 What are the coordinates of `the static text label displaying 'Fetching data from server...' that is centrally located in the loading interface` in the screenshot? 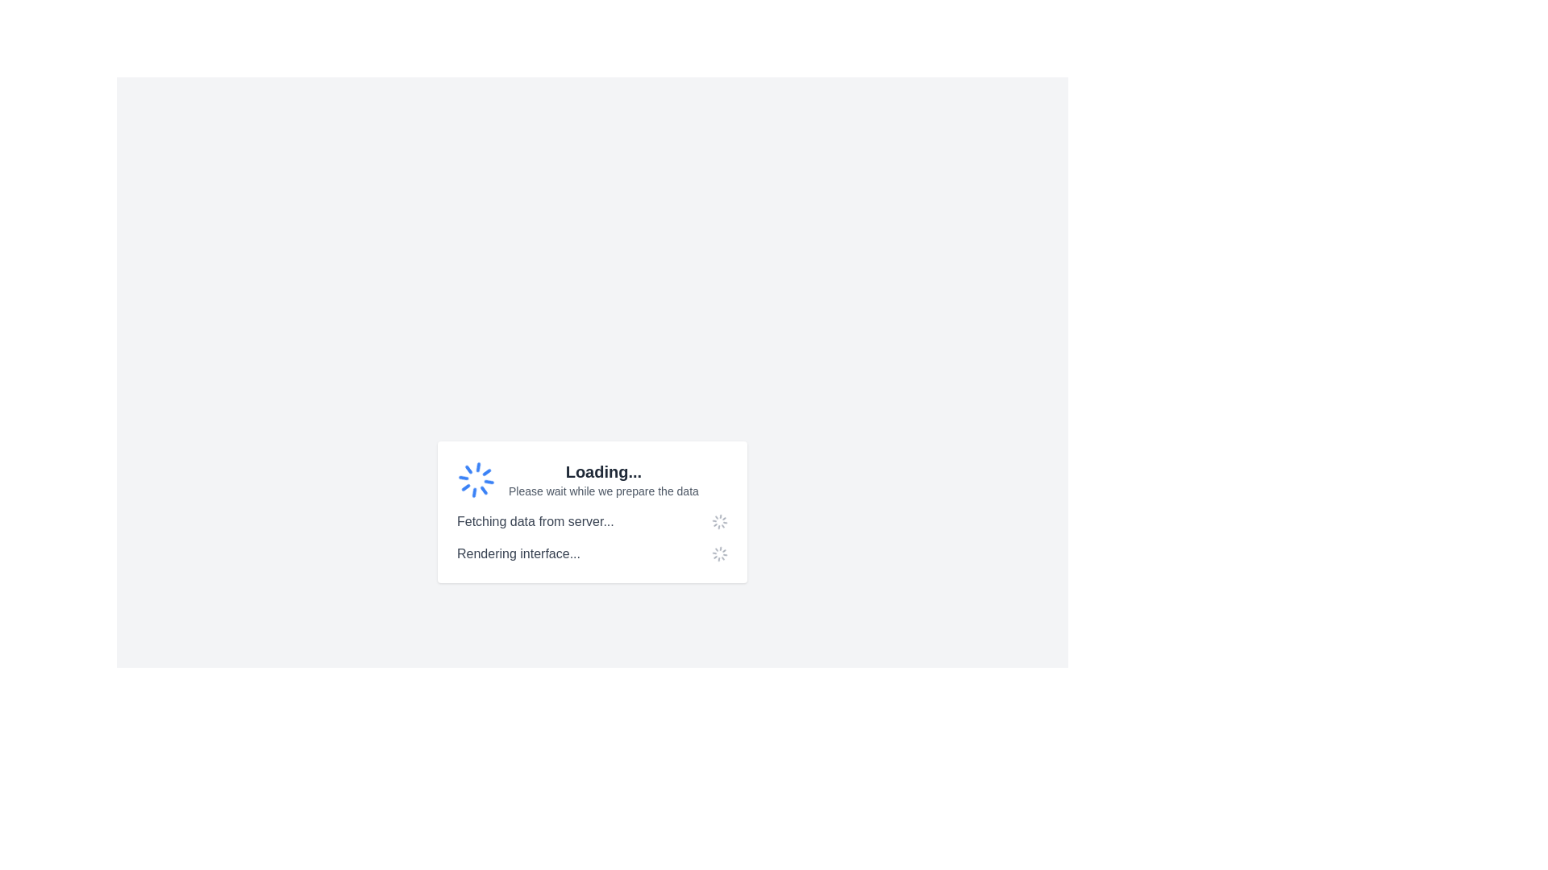 It's located at (535, 522).